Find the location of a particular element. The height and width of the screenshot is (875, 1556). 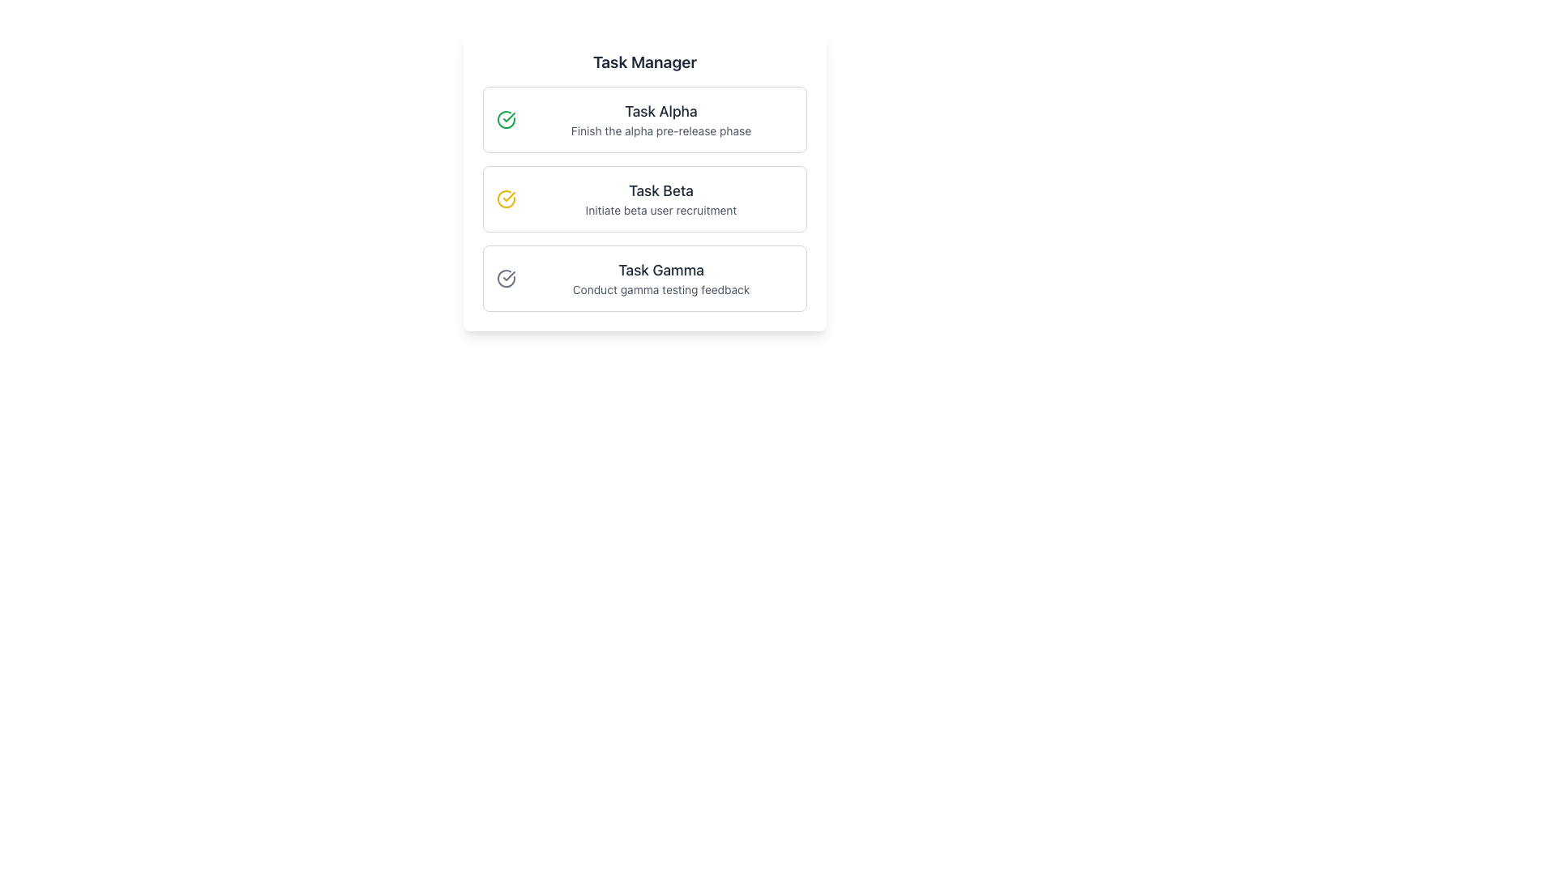

the task details for the task card titled 'Task Gamma', which is the third card in the vertically arranged list under the 'Task Manager' heading is located at coordinates (644, 277).